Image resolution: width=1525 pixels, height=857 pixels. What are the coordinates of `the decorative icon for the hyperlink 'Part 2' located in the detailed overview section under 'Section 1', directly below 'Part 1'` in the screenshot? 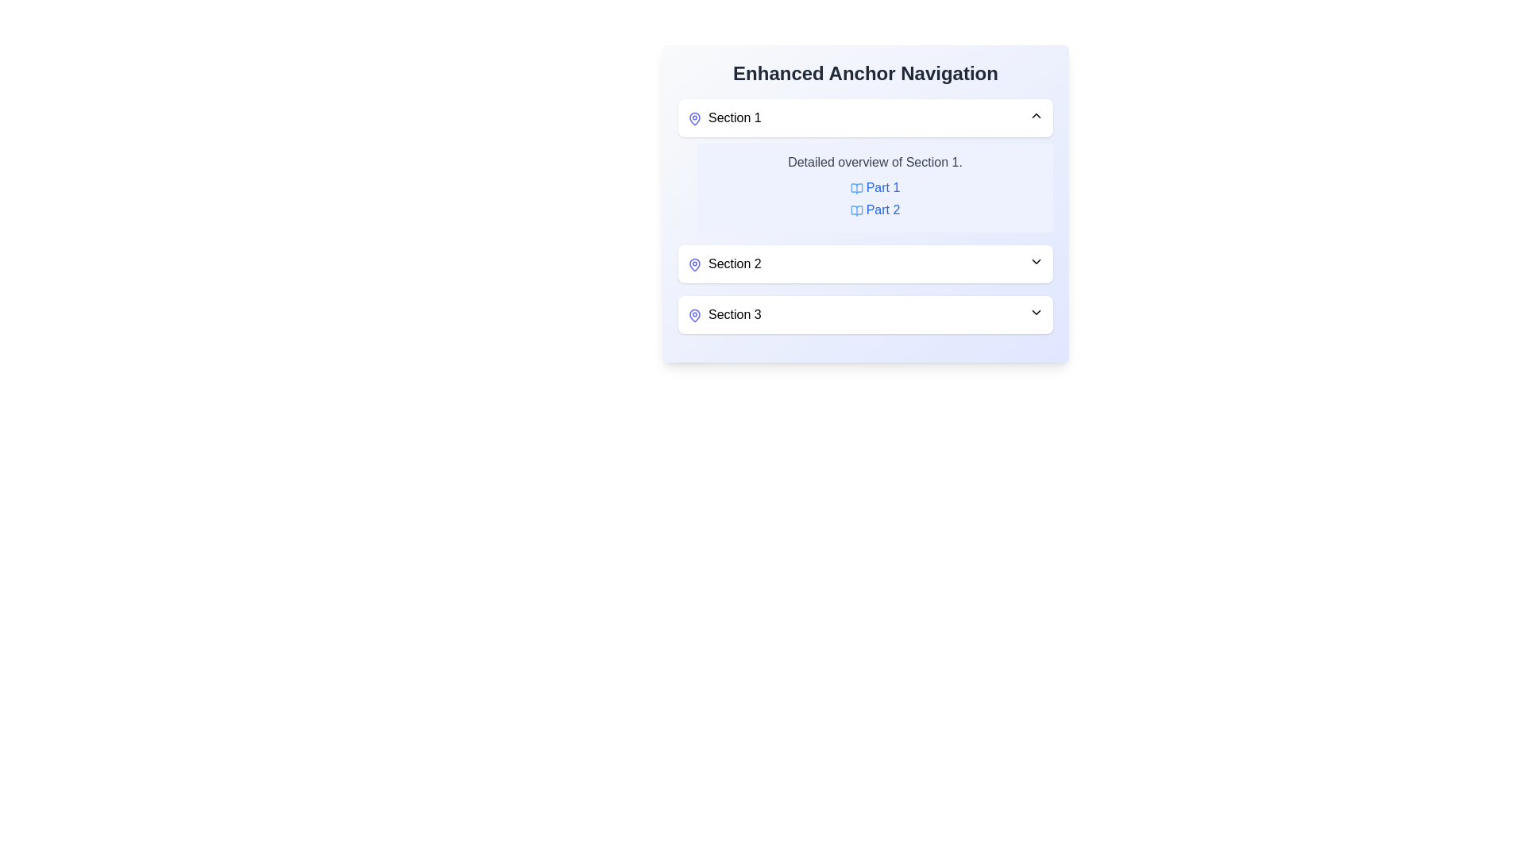 It's located at (855, 209).